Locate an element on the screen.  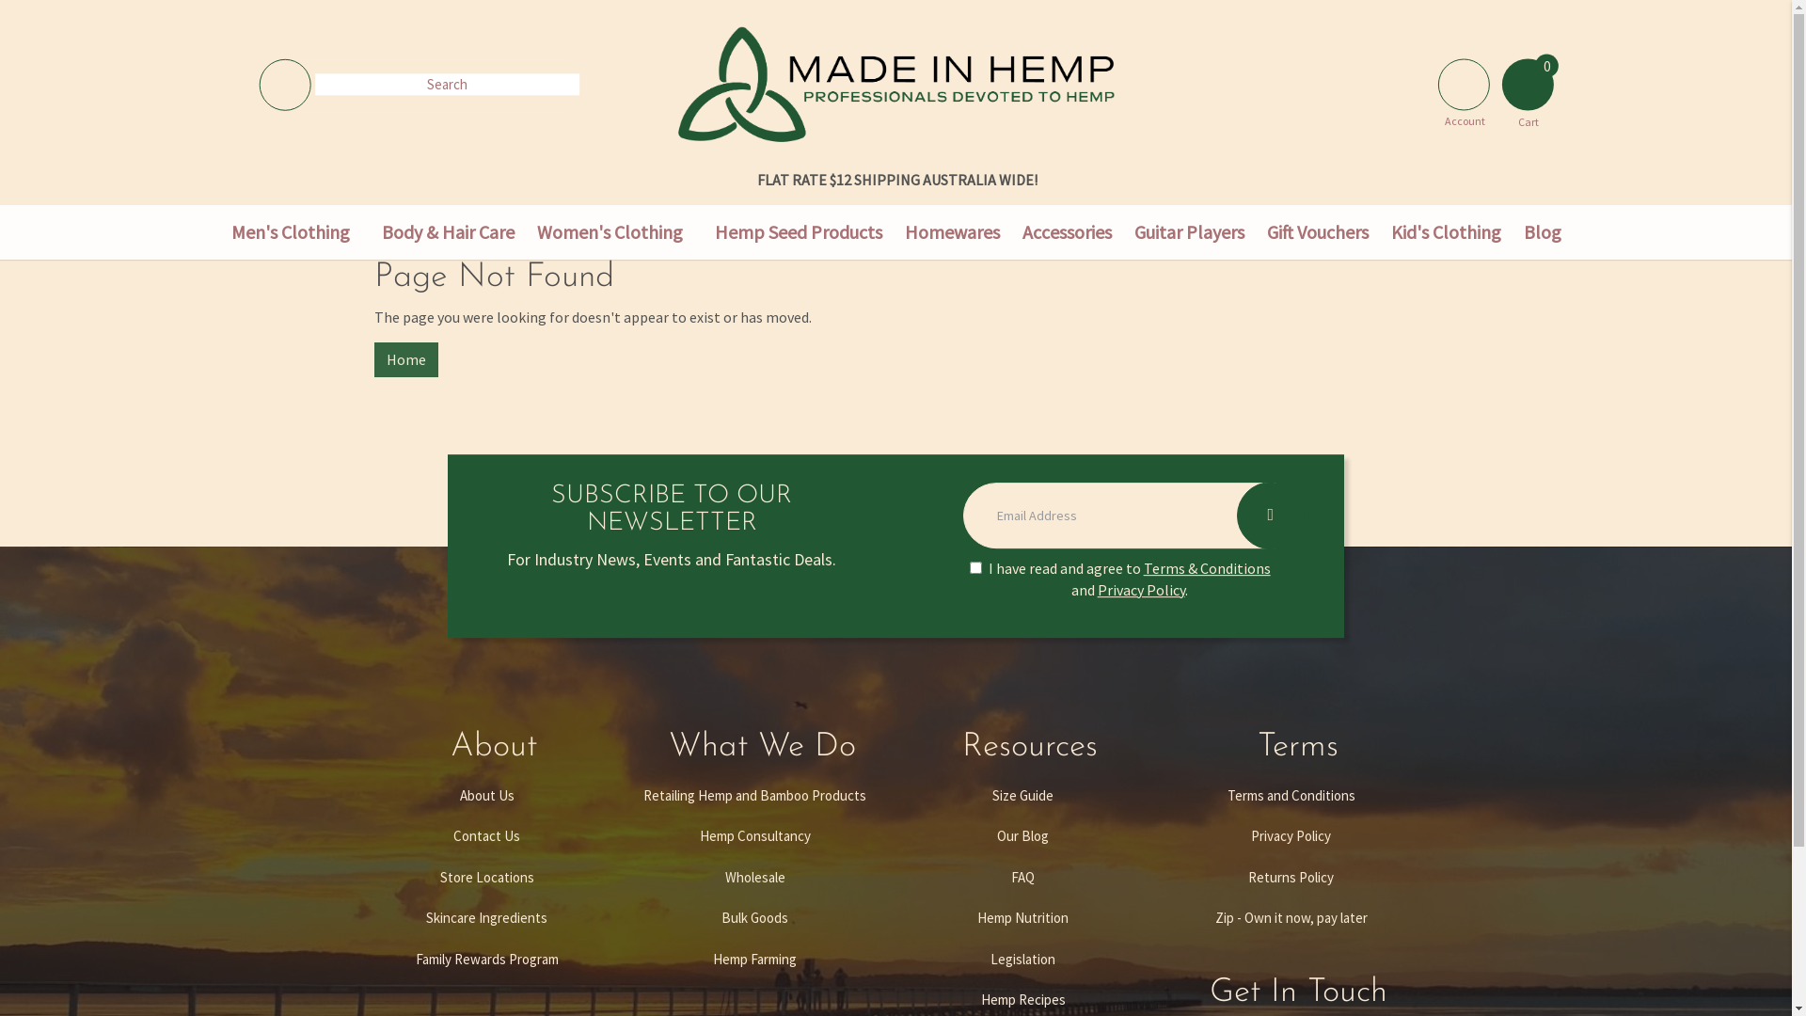
'Hemp Consultancy' is located at coordinates (754, 834).